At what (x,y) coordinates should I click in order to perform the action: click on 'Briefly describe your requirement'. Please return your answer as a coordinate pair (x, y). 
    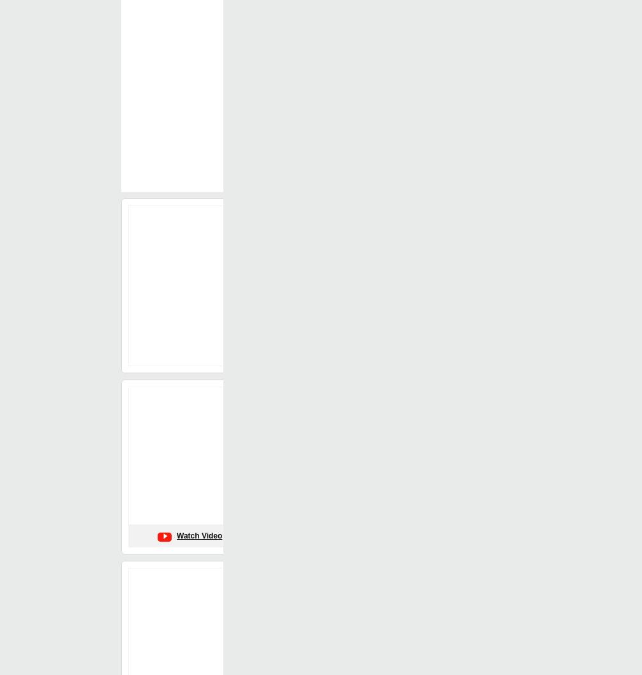
    Looking at the image, I should click on (180, 174).